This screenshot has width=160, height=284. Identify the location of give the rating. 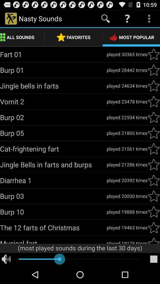
(153, 149).